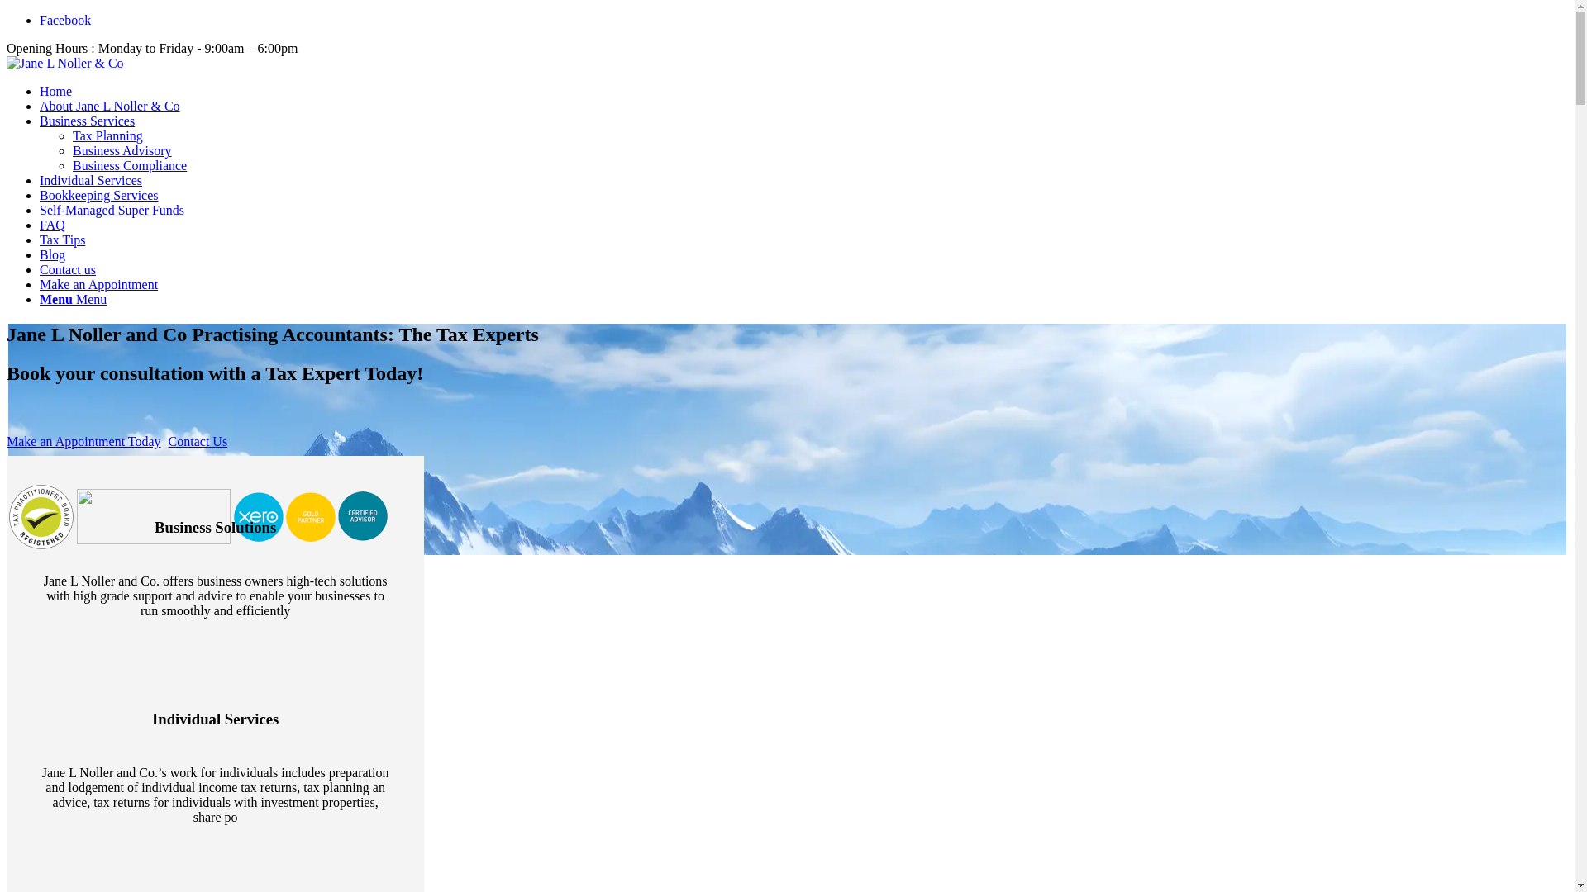  I want to click on 'Business Advisory', so click(71, 150).